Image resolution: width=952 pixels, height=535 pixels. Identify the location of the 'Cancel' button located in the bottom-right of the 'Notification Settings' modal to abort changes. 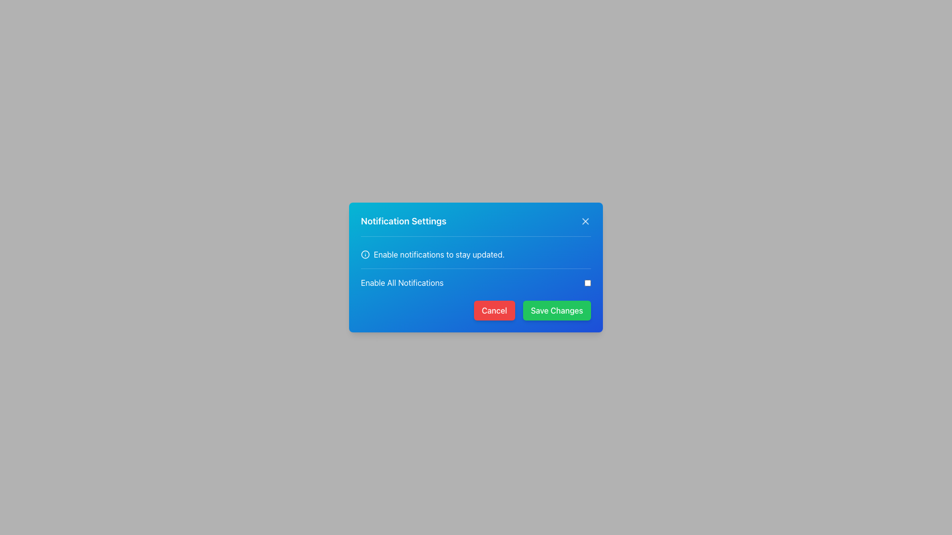
(476, 310).